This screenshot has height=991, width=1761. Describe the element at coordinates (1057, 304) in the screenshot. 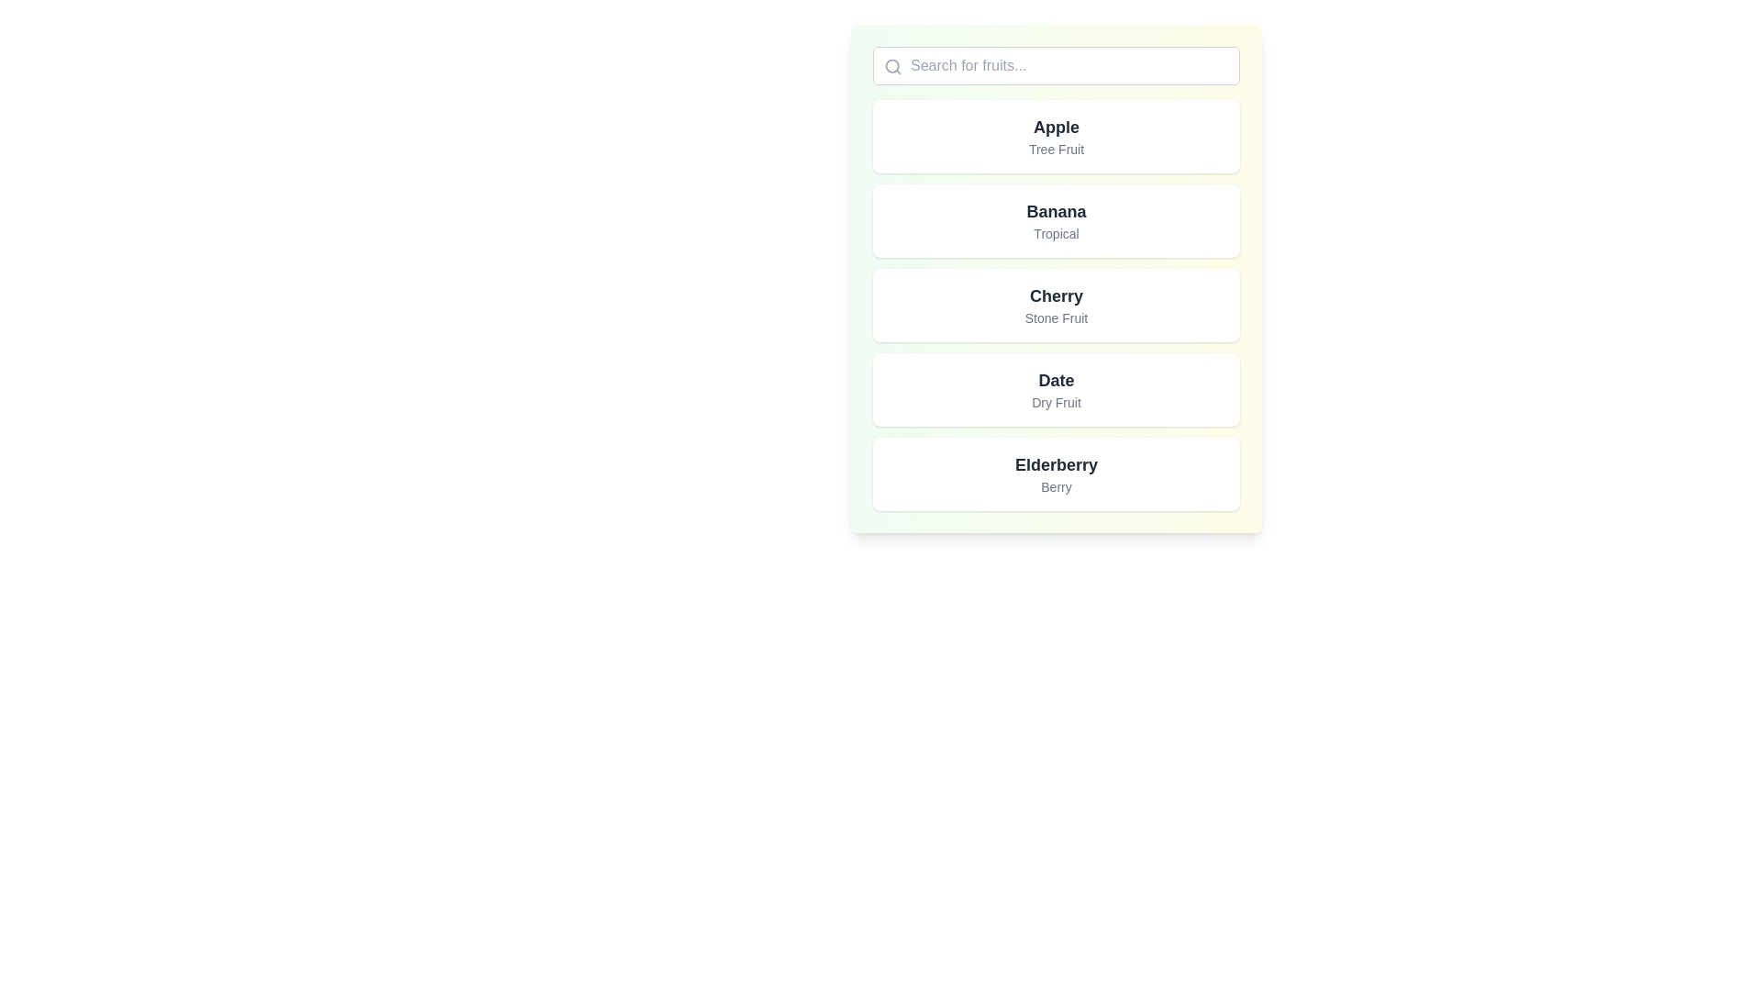

I see `to select the list item labeled 'Cherry', which is the third item in a vertically stacked list of five, positioned between 'Banana' and 'Date'` at that location.